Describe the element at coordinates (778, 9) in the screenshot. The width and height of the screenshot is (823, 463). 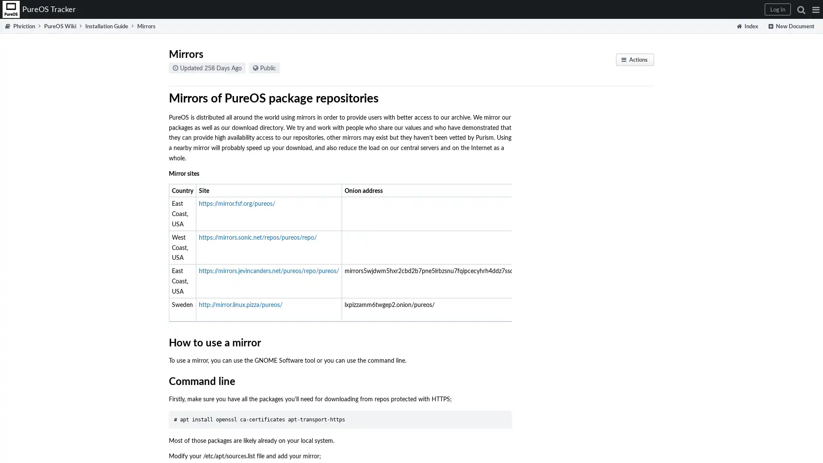
I see `Log In` at that location.